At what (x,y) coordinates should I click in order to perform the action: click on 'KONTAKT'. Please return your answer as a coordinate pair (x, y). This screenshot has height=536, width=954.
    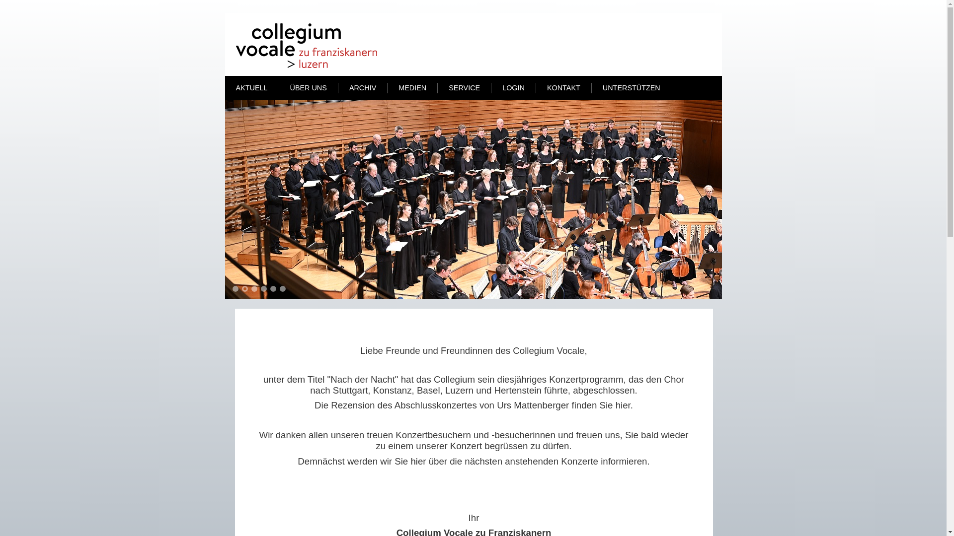
    Looking at the image, I should click on (563, 87).